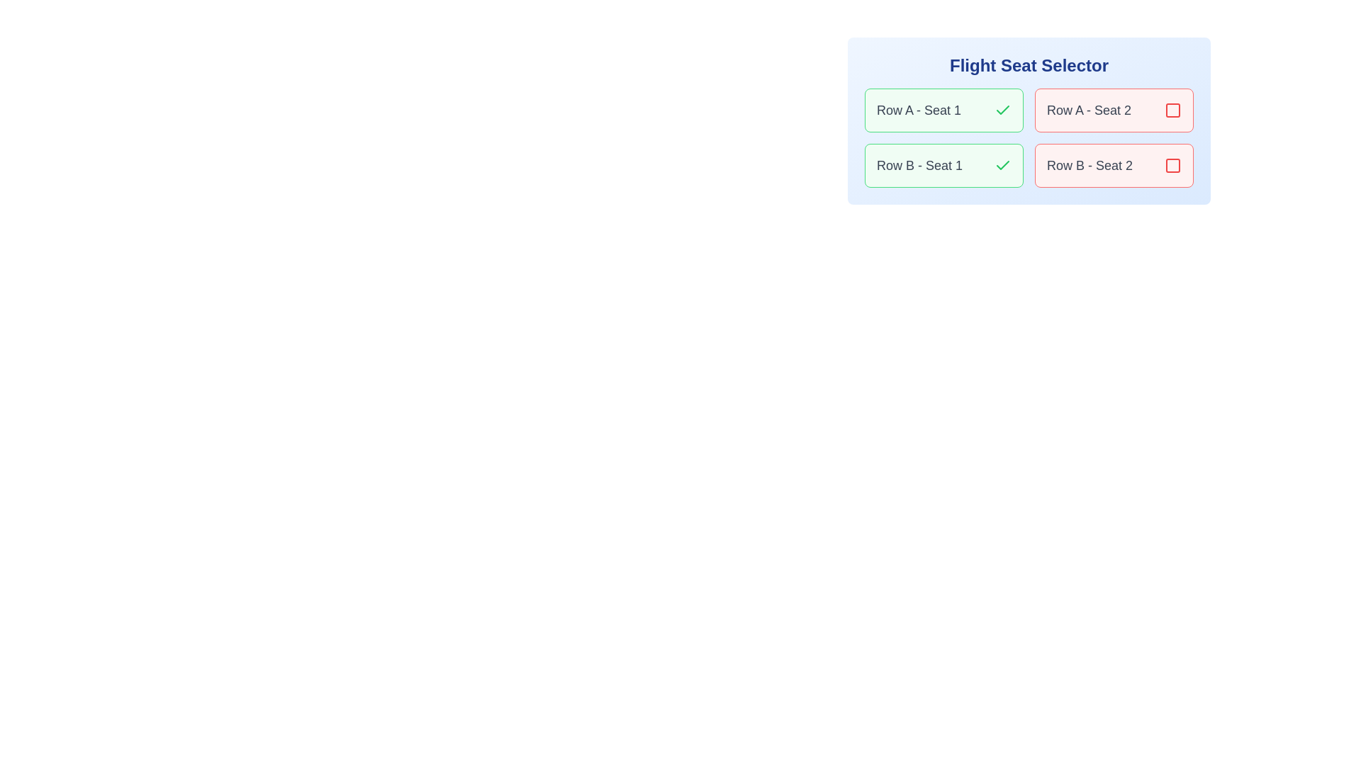 This screenshot has height=765, width=1361. I want to click on the text label displaying 'Row A - Seat 1', which provides identification for the seat in the grid layout, so click(919, 109).